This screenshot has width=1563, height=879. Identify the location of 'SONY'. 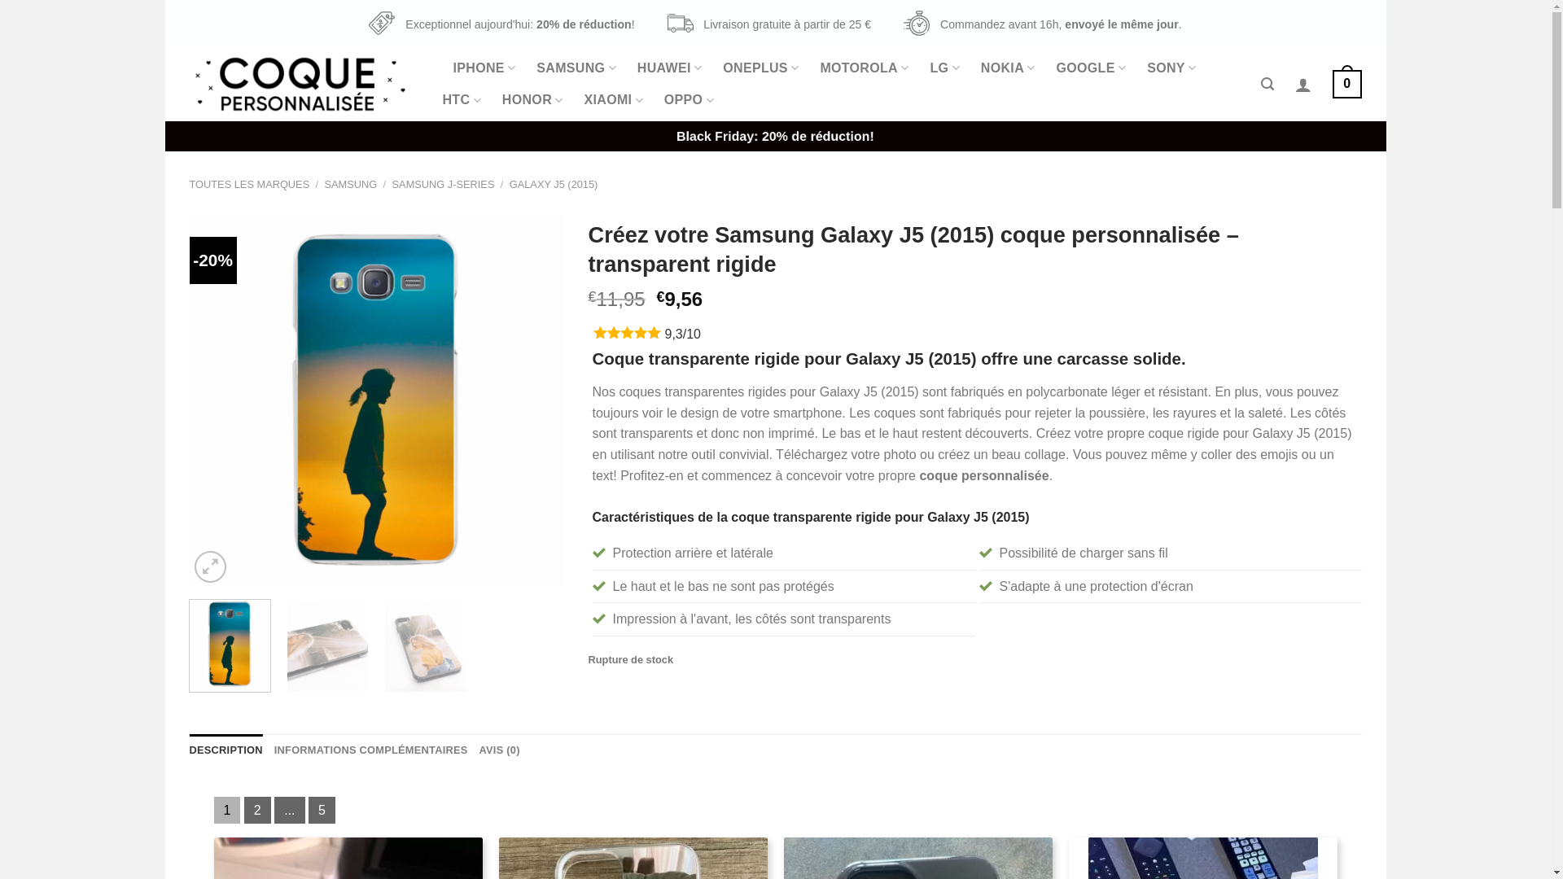
(1146, 67).